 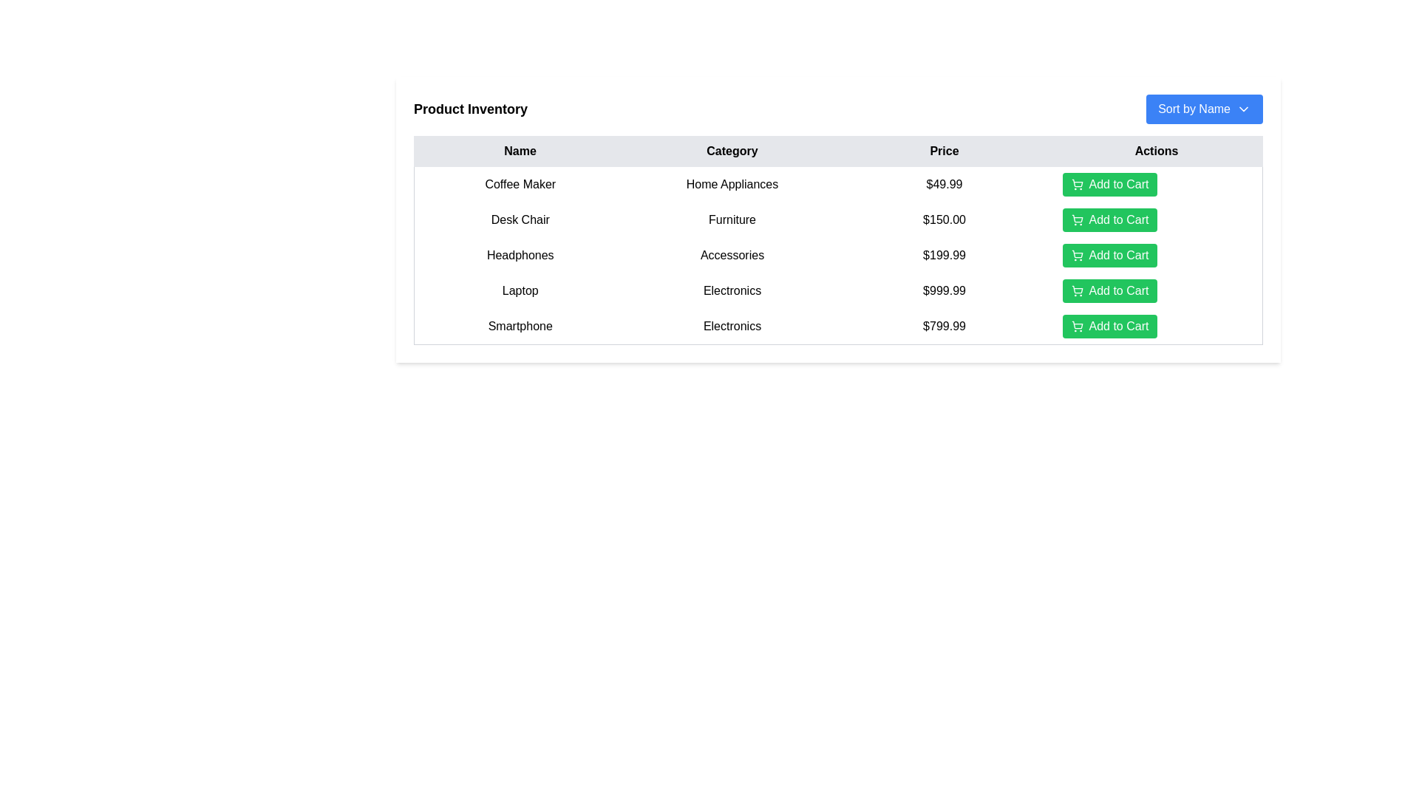 What do you see at coordinates (1077, 255) in the screenshot?
I see `the shopping cart icon located in the third 'Add to Cart' button of the product inventory table` at bounding box center [1077, 255].